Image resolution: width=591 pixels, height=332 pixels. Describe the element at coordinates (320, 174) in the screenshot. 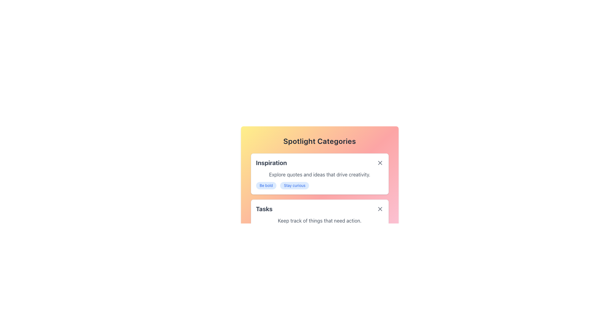

I see `the text element reading 'Explore quotes and ideas that drive creativity.' located in the middle section of the 'Inspiration' card, positioned below the title 'Inspiration'` at that location.